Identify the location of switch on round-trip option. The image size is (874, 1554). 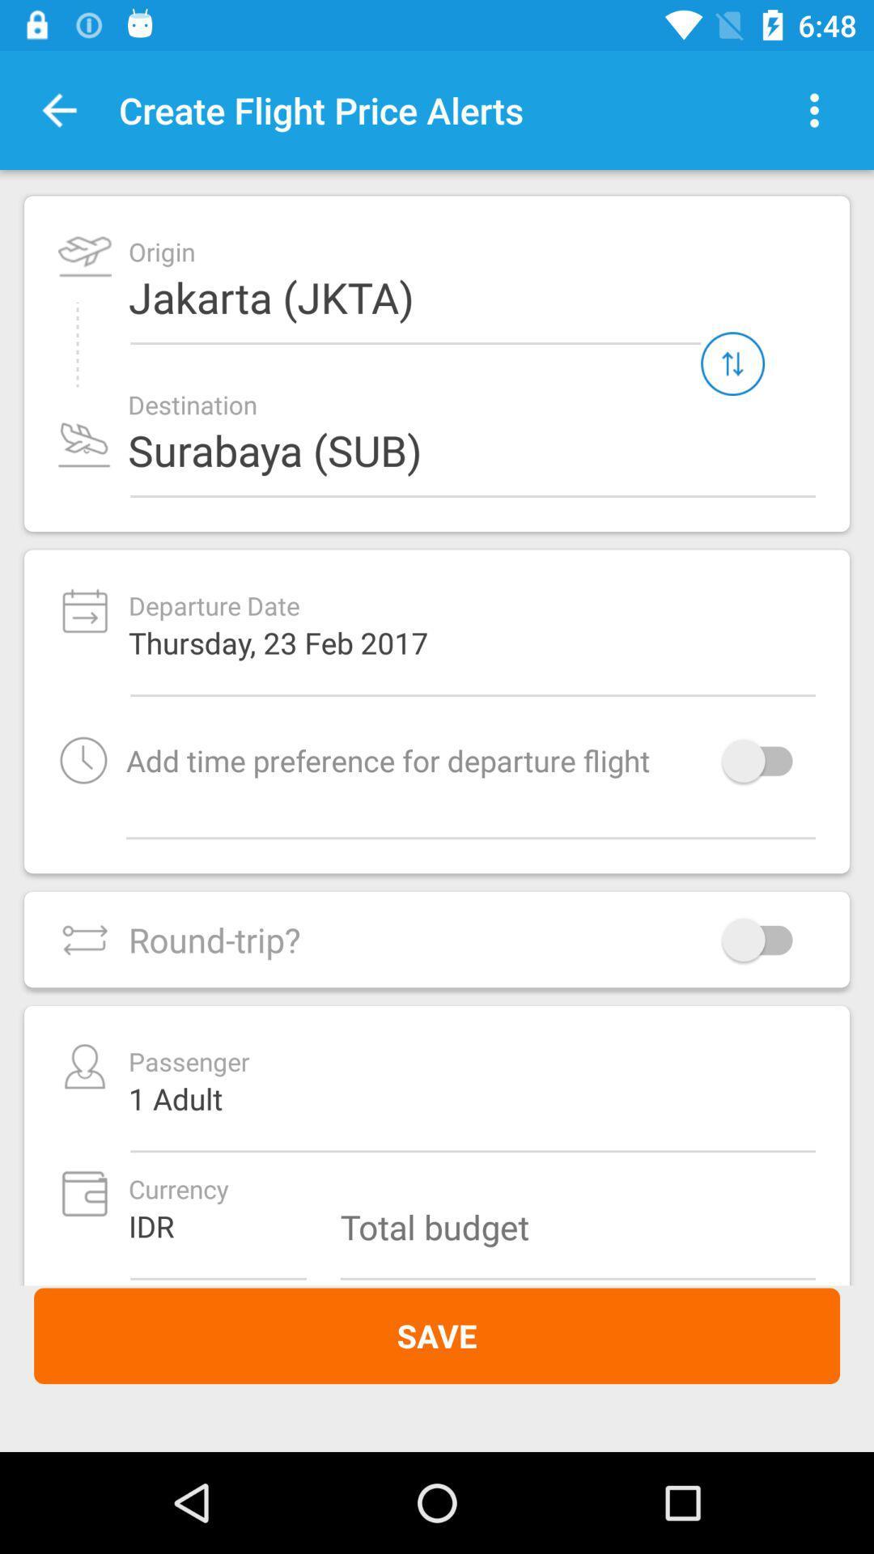
(765, 940).